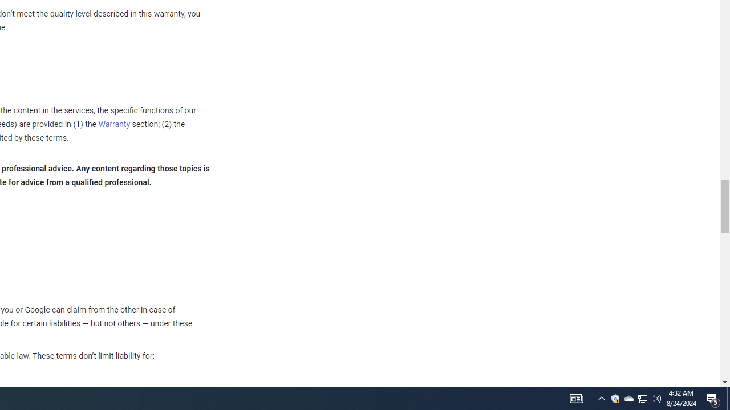  What do you see at coordinates (168, 14) in the screenshot?
I see `'warranty'` at bounding box center [168, 14].